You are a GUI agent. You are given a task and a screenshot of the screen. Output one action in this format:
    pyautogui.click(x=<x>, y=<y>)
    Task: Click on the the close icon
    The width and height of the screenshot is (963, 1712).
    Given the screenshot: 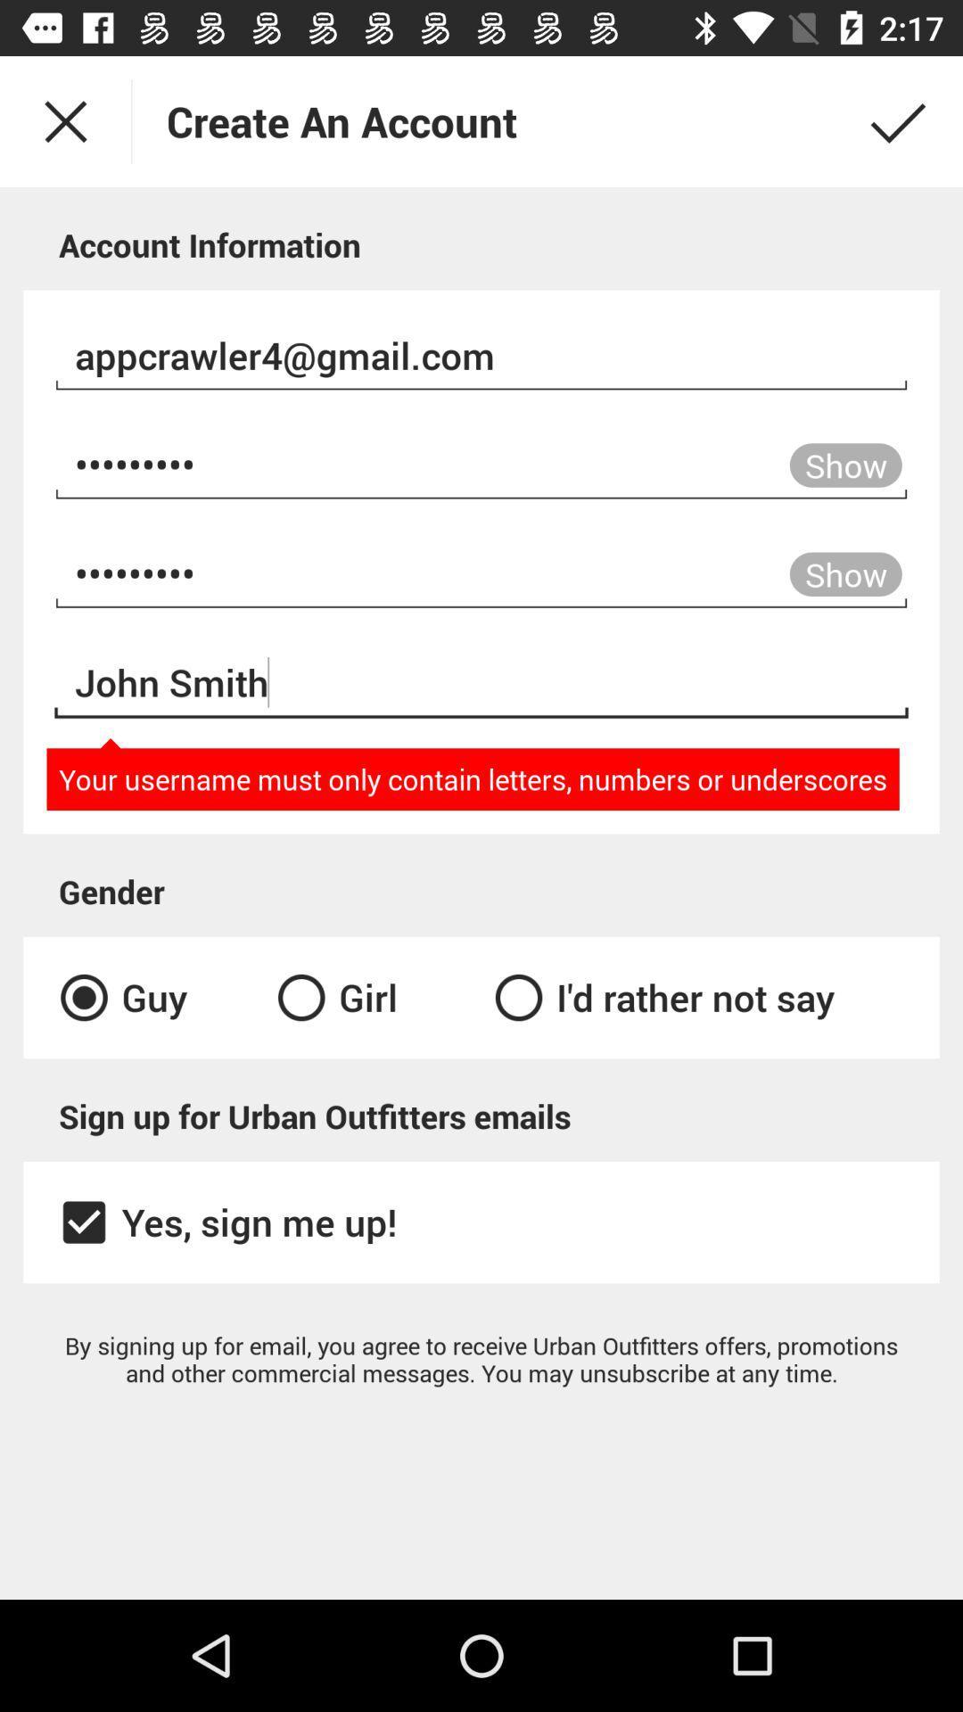 What is the action you would take?
    pyautogui.click(x=64, y=120)
    